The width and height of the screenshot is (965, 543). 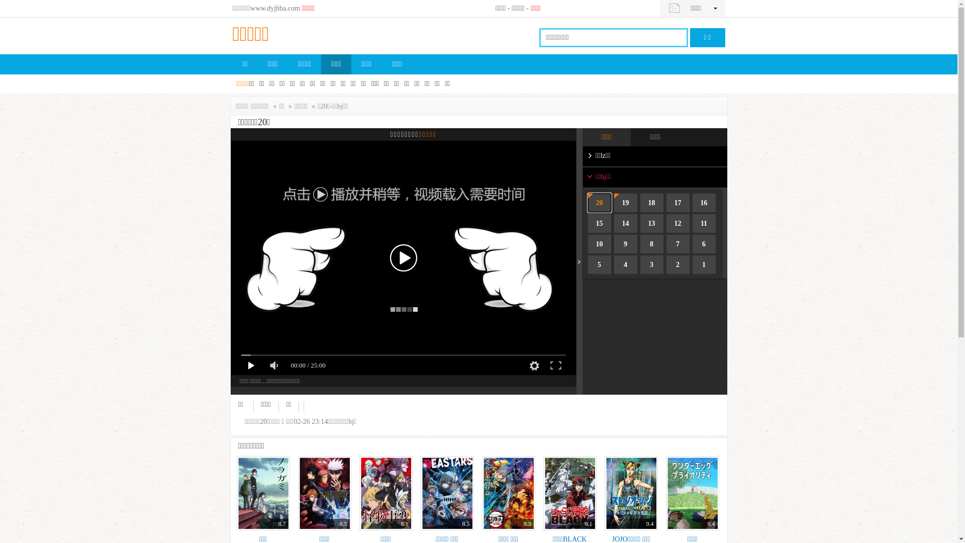 What do you see at coordinates (297, 492) in the screenshot?
I see `'8.5'` at bounding box center [297, 492].